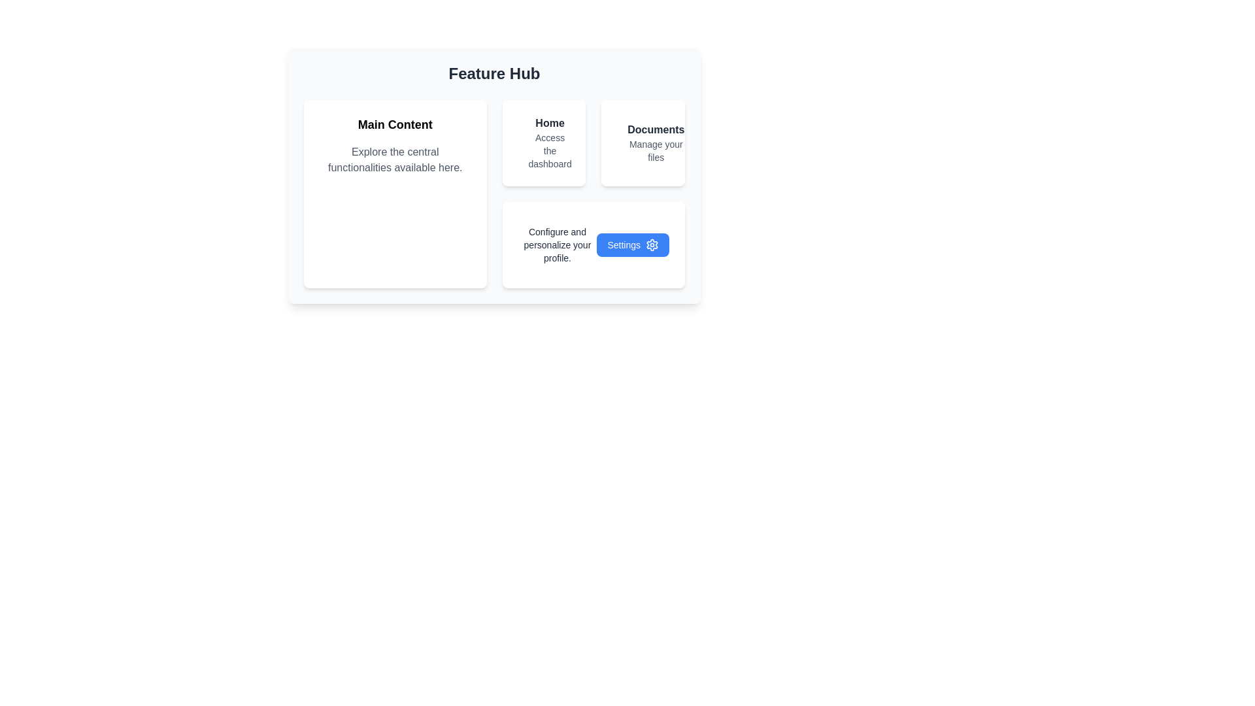 The image size is (1255, 706). I want to click on the 'Home' text label displayed in bold dark gray font, prominently positioned at the top center of the card labeled 'Access the dashboard', so click(550, 124).